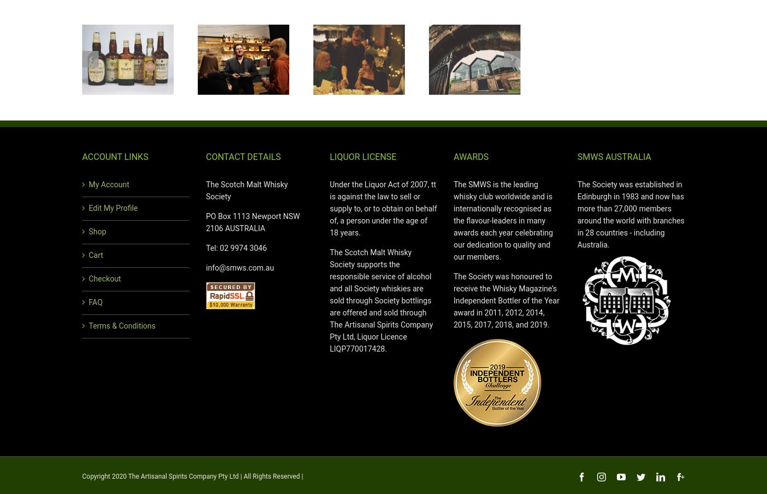 The width and height of the screenshot is (767, 494). Describe the element at coordinates (122, 325) in the screenshot. I see `'Terms & Conditions'` at that location.